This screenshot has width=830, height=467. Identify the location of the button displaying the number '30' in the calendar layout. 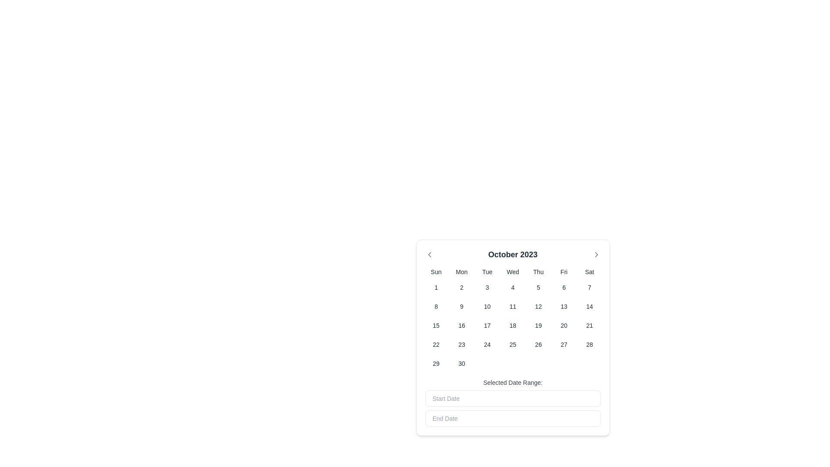
(461, 363).